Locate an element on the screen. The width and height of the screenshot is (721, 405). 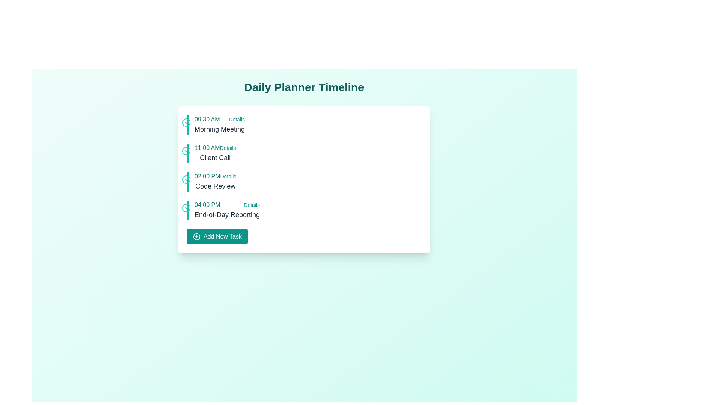
the 'Details' hyperlink for the scheduled event 'Code Review' at '02:00 PM' is located at coordinates (304, 182).